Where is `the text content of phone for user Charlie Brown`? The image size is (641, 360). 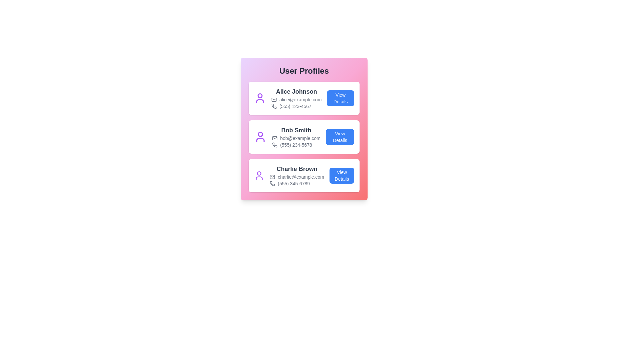
the text content of phone for user Charlie Brown is located at coordinates (296, 184).